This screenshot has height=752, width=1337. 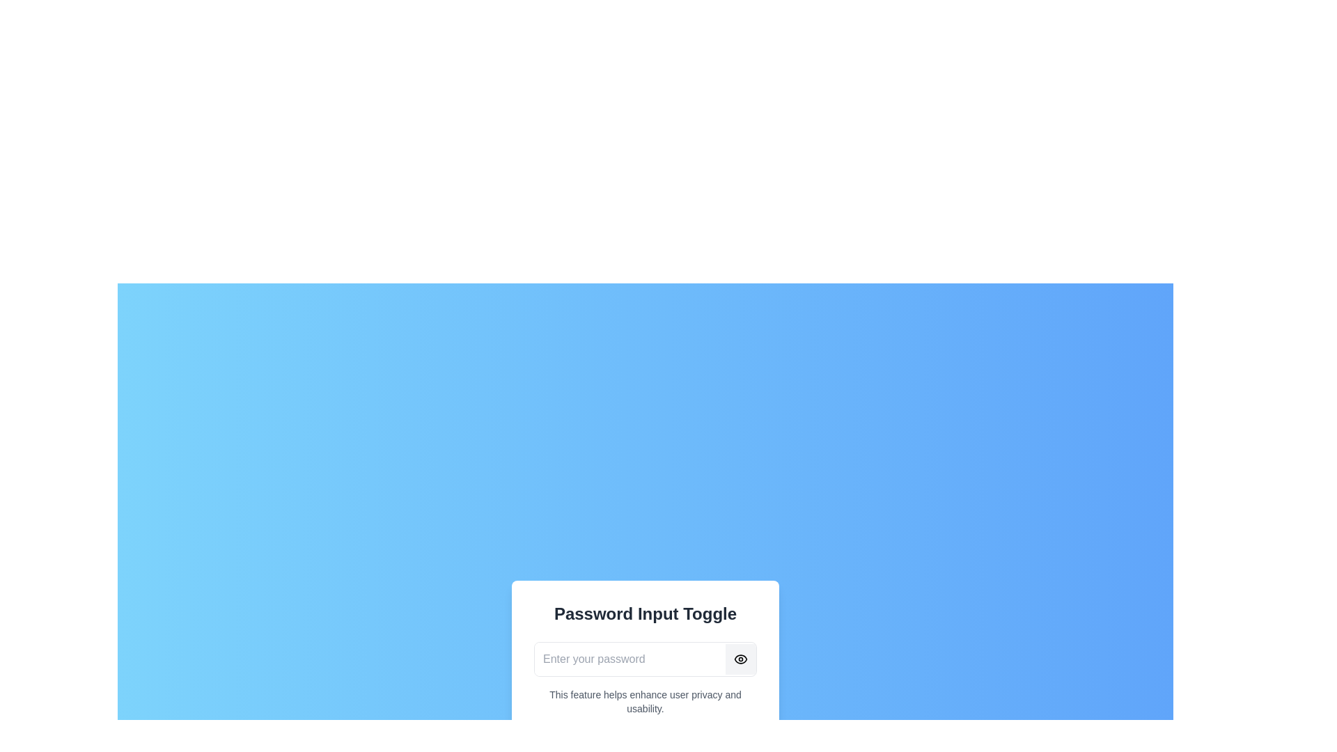 I want to click on the toggle button to change the visibility of the password input field, so click(x=740, y=659).